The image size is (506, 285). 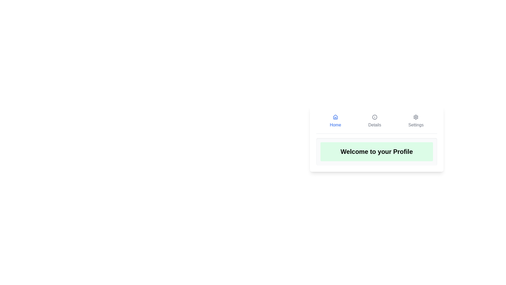 What do you see at coordinates (335, 121) in the screenshot?
I see `the Home tab` at bounding box center [335, 121].